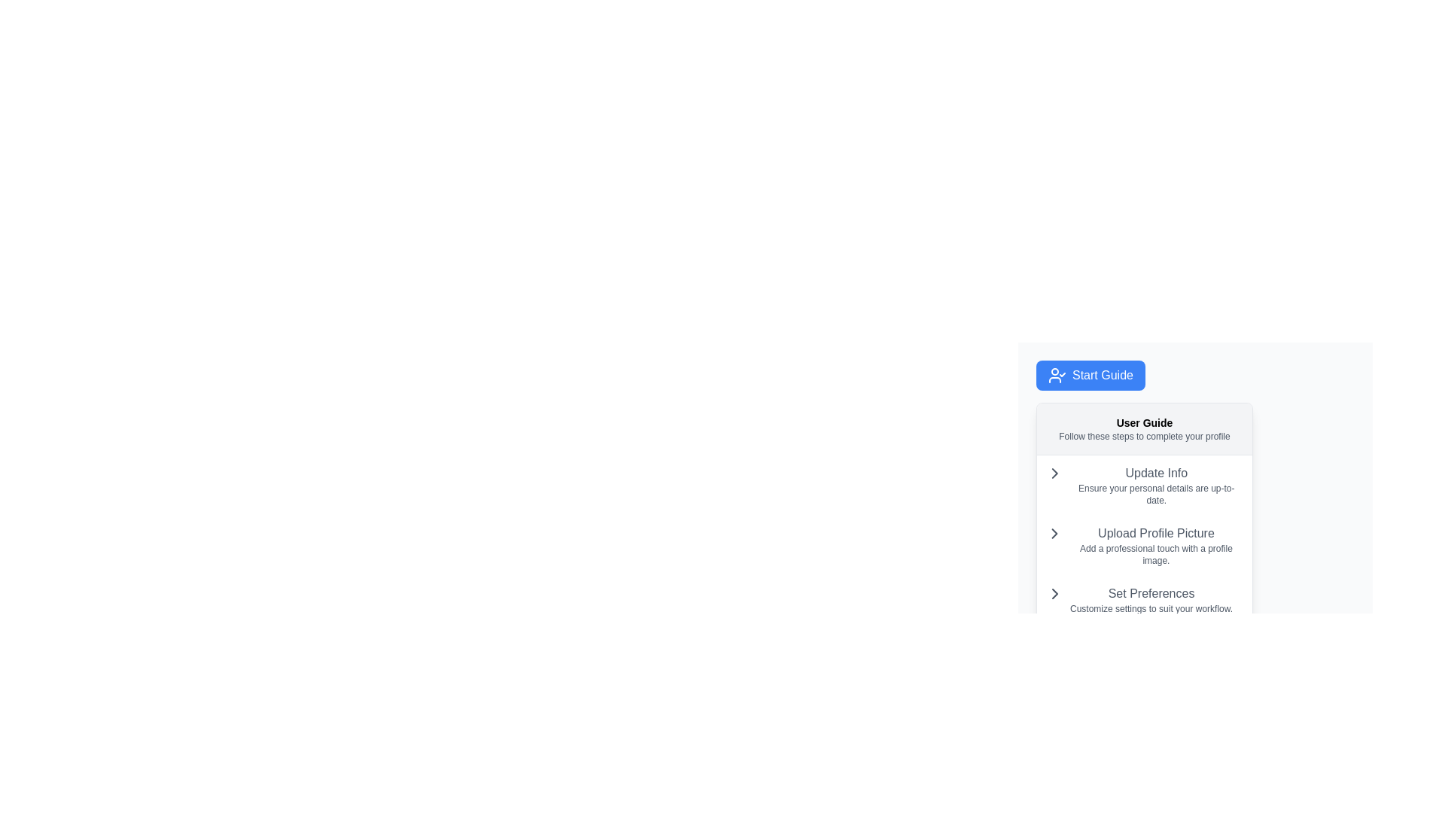  Describe the element at coordinates (1054, 593) in the screenshot. I see `the right-pointing chevron icon located beside the 'Set Preferences' text to observe any potential hover effects` at that location.